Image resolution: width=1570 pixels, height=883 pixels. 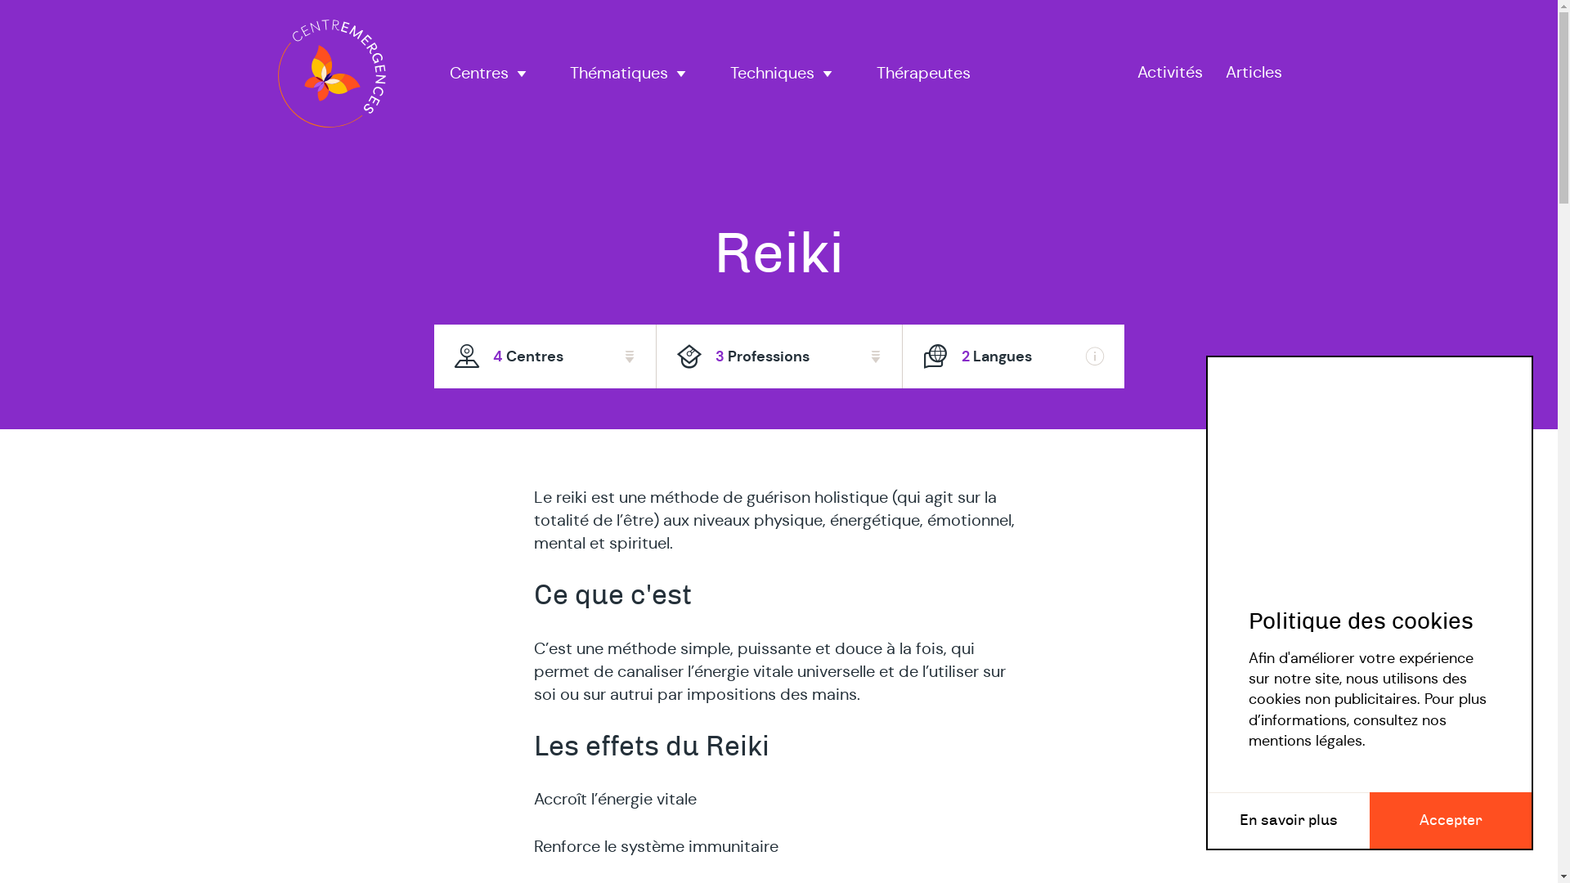 I want to click on 'Articles', so click(x=1252, y=72).